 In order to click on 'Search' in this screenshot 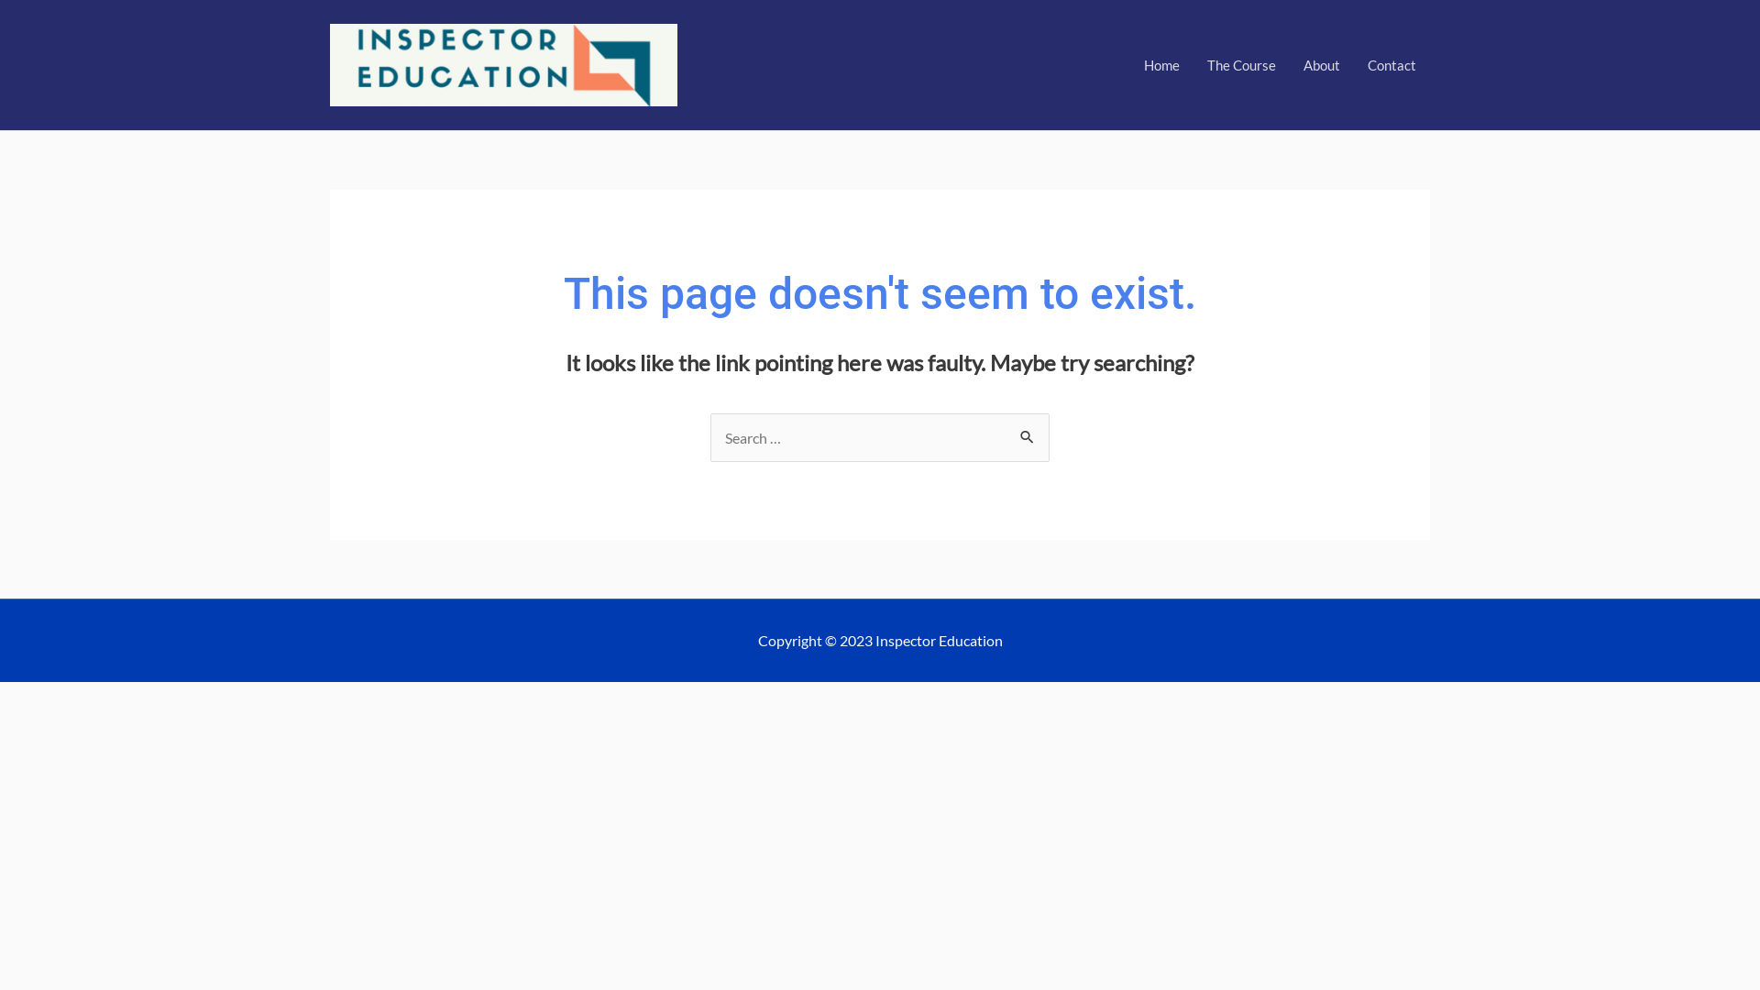, I will do `click(1006, 432)`.